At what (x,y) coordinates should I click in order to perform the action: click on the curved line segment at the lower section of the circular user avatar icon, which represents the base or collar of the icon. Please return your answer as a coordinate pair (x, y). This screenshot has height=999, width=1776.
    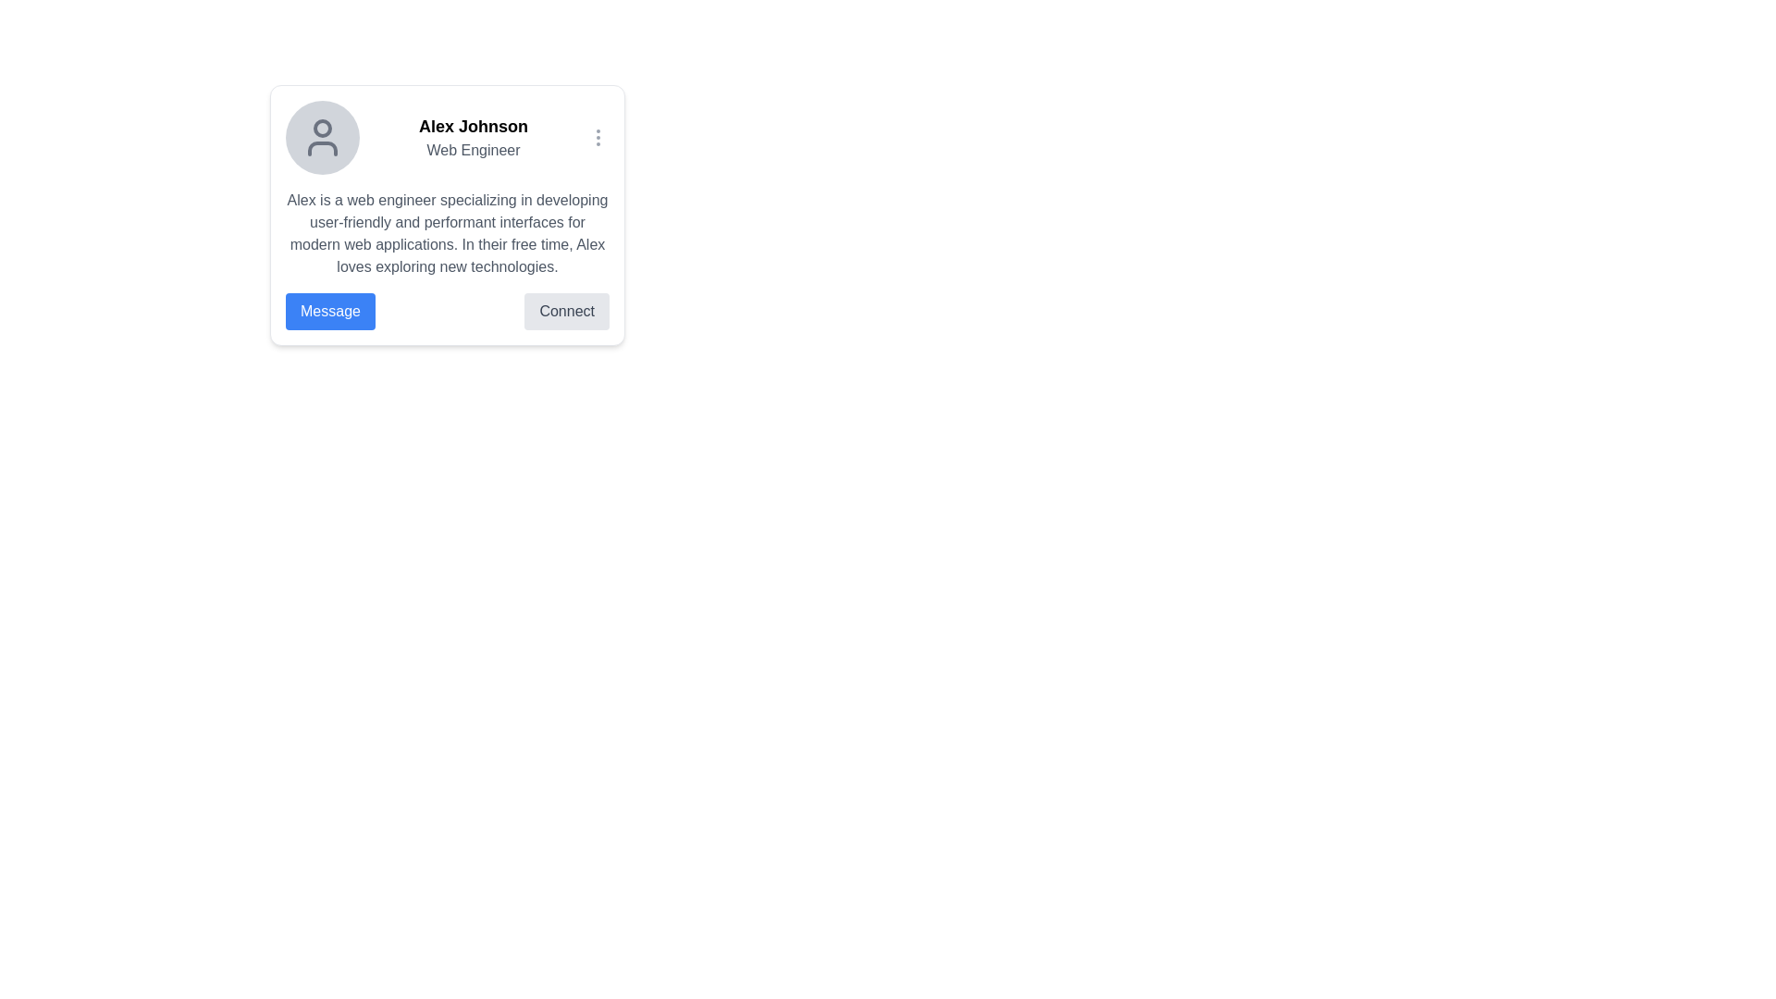
    Looking at the image, I should click on (323, 148).